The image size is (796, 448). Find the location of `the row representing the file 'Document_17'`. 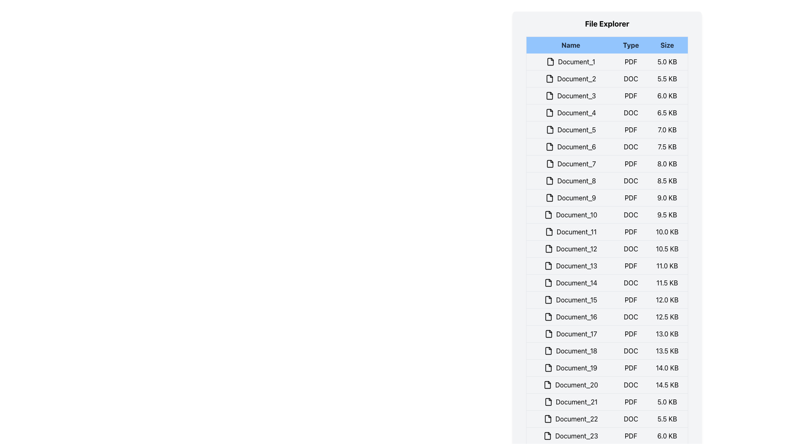

the row representing the file 'Document_17' is located at coordinates (607, 334).